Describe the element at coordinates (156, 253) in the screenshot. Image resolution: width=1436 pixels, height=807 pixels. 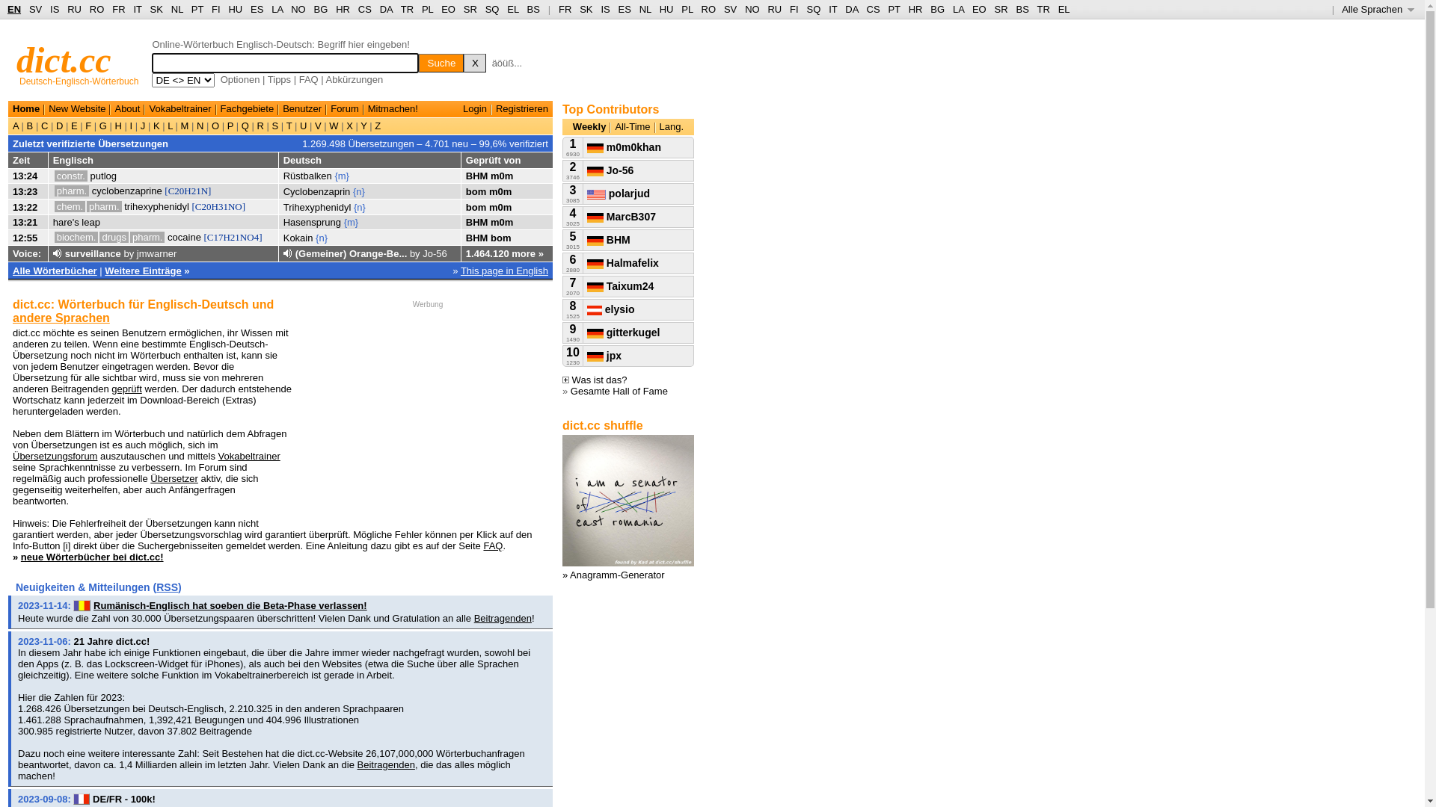
I see `'jmwarner'` at that location.